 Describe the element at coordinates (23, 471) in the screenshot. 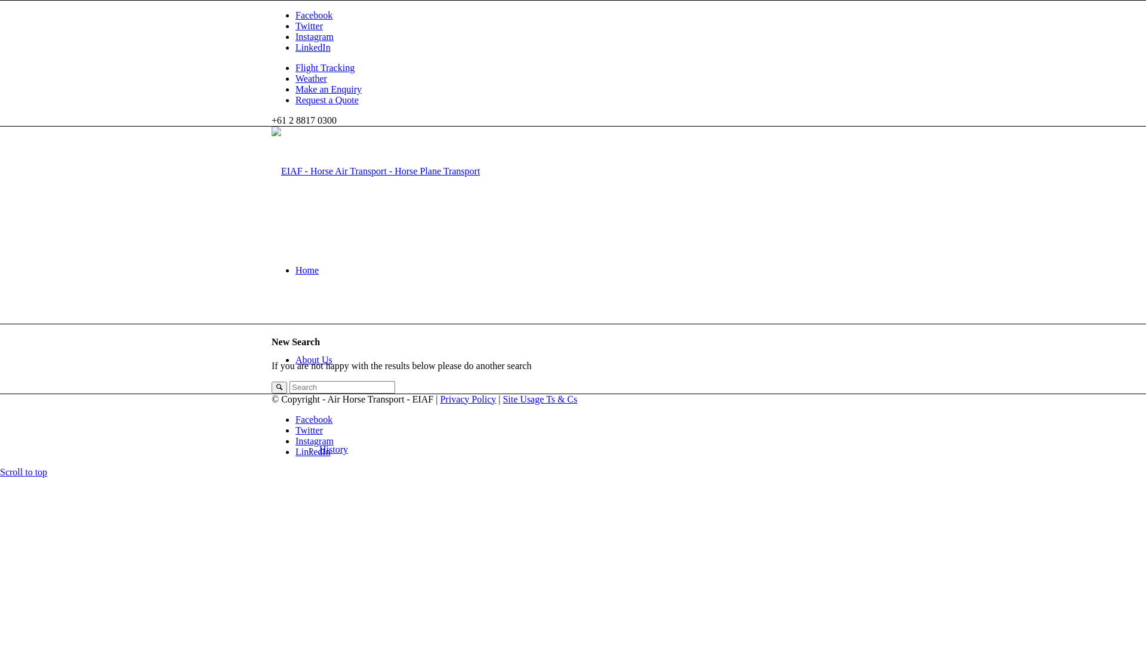

I see `'Scroll to top'` at that location.